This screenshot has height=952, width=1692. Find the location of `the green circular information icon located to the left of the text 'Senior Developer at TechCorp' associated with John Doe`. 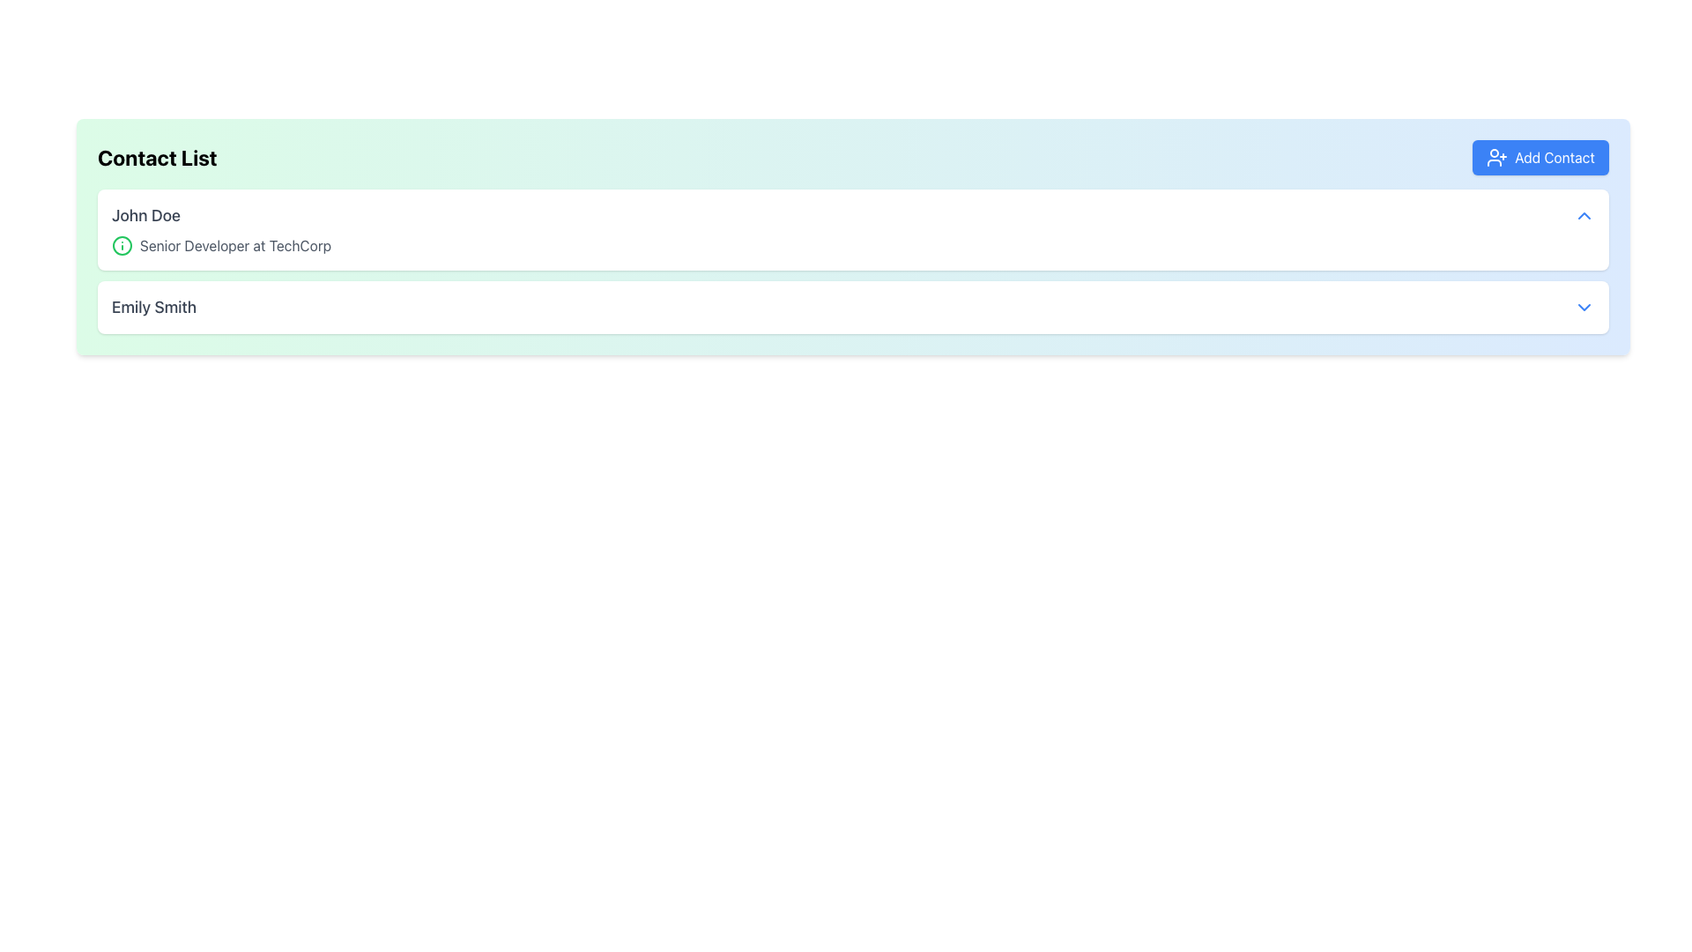

the green circular information icon located to the left of the text 'Senior Developer at TechCorp' associated with John Doe is located at coordinates (122, 245).